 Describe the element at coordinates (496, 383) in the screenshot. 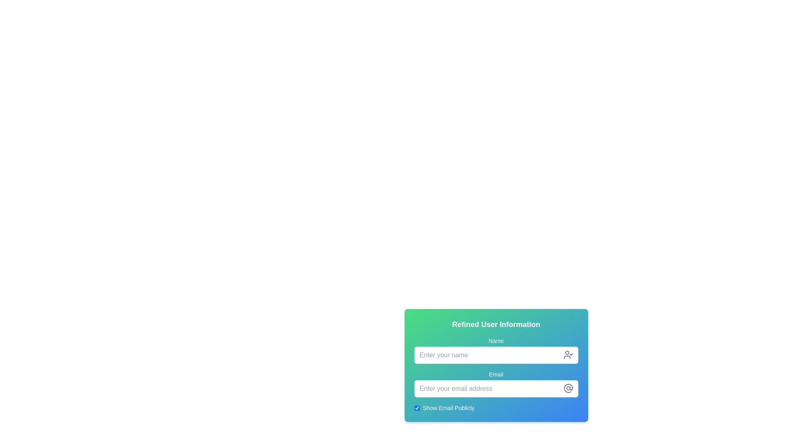

I see `the 'Email' text label, which is styled minimally and positioned in the 'Refined User Information' section between the 'Name' input field and 'Show Email Publicly' checkbox` at that location.